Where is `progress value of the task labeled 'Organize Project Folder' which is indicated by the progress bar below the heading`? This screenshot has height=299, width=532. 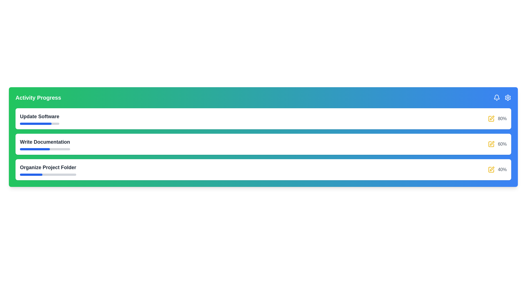 progress value of the task labeled 'Organize Project Folder' which is indicated by the progress bar below the heading is located at coordinates (48, 169).